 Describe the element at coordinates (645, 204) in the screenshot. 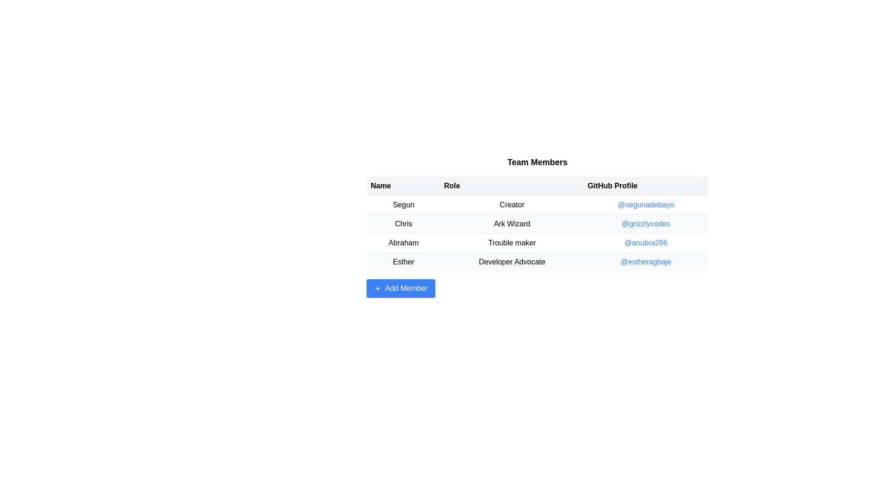

I see `the hyperlink '@segunadebayo' in the 'Team Members' table located in the 'GitHub Profile' column` at that location.